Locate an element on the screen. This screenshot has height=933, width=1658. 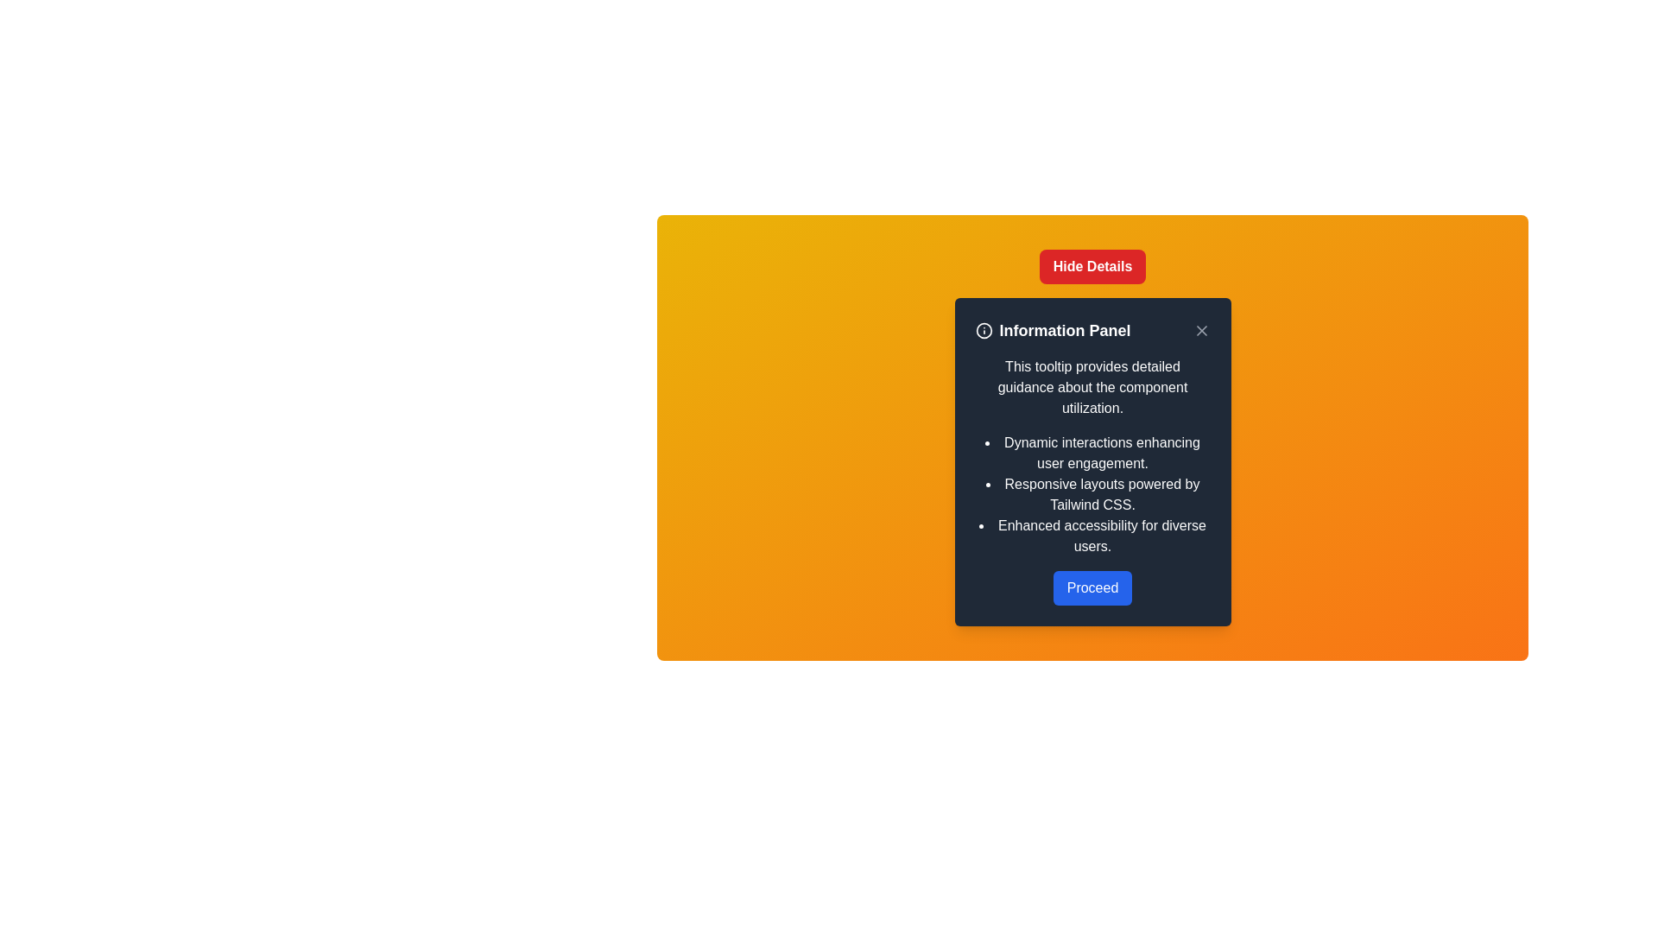
text content of the second item in the bulleted list within the information panel about 'Responsive layouts powered by Tailwind CSS.' is located at coordinates (1092, 495).